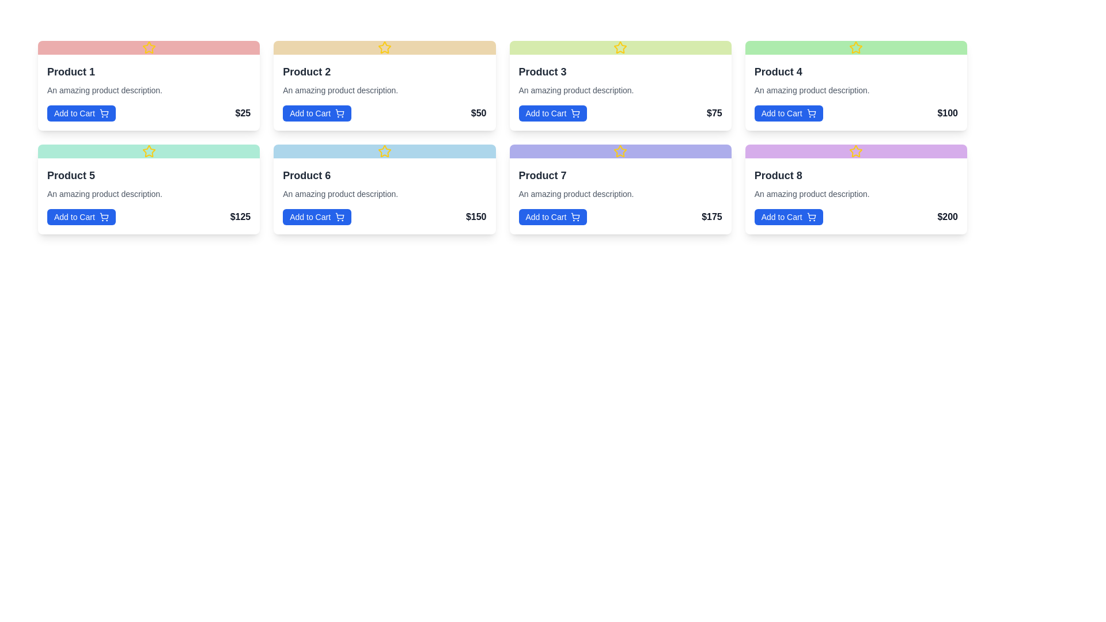  What do you see at coordinates (948, 113) in the screenshot?
I see `the price information text label located in the 'Product 4' card at the top-right corner, adjacent to the 'Add to Cart' button` at bounding box center [948, 113].